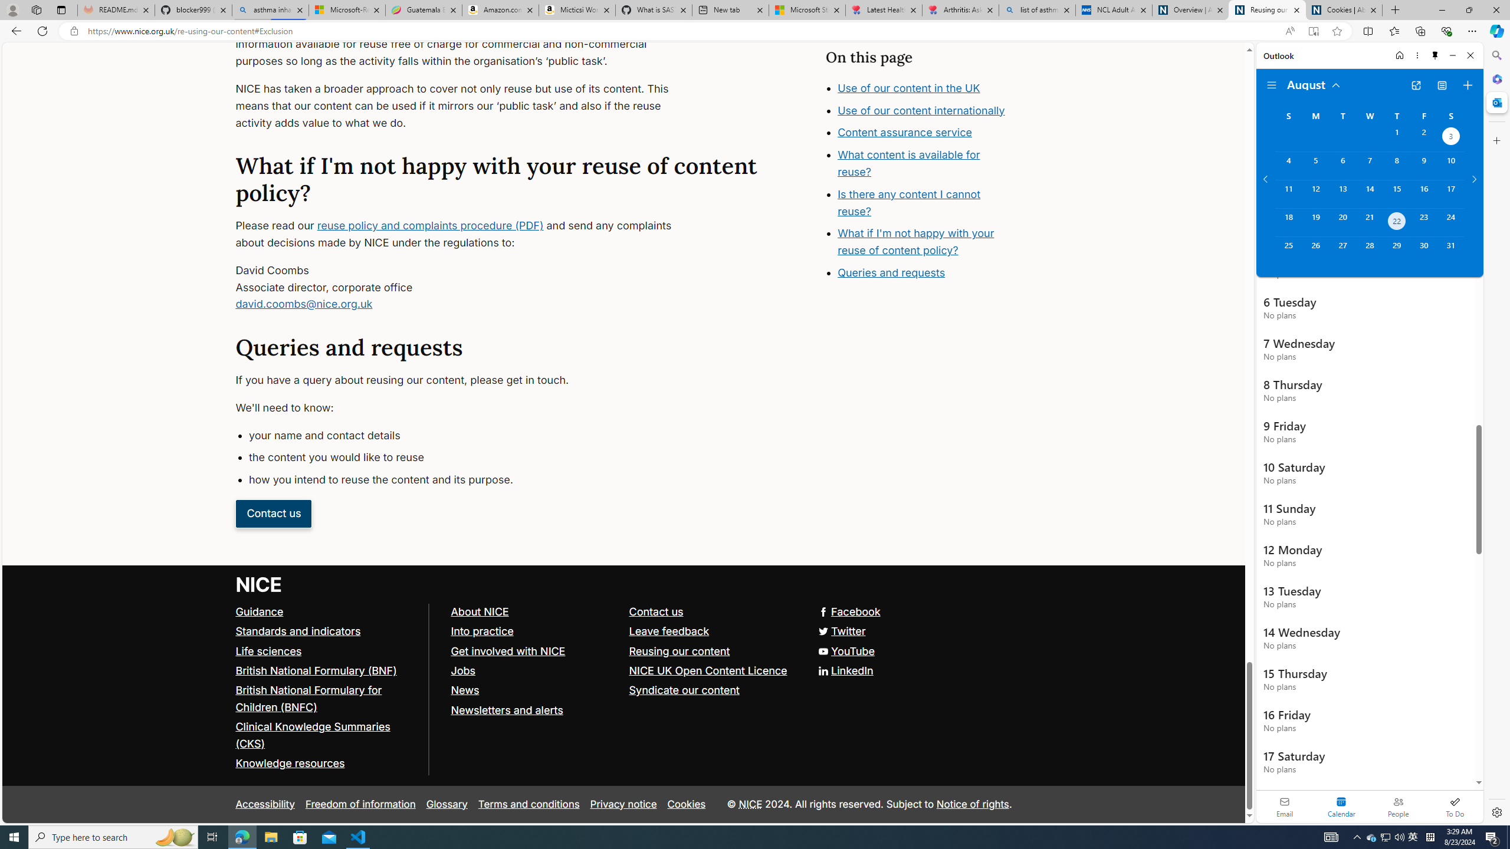 This screenshot has width=1510, height=849. What do you see at coordinates (447, 804) in the screenshot?
I see `'Glossary'` at bounding box center [447, 804].